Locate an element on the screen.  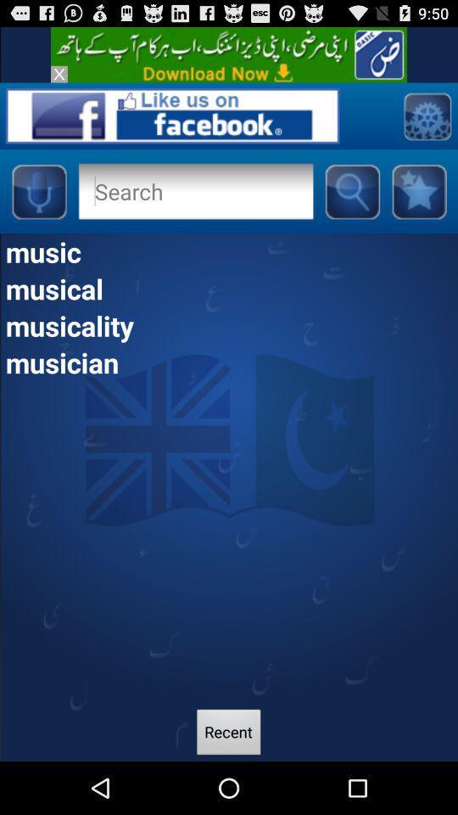
the pop up which is at the top is located at coordinates (229, 54).